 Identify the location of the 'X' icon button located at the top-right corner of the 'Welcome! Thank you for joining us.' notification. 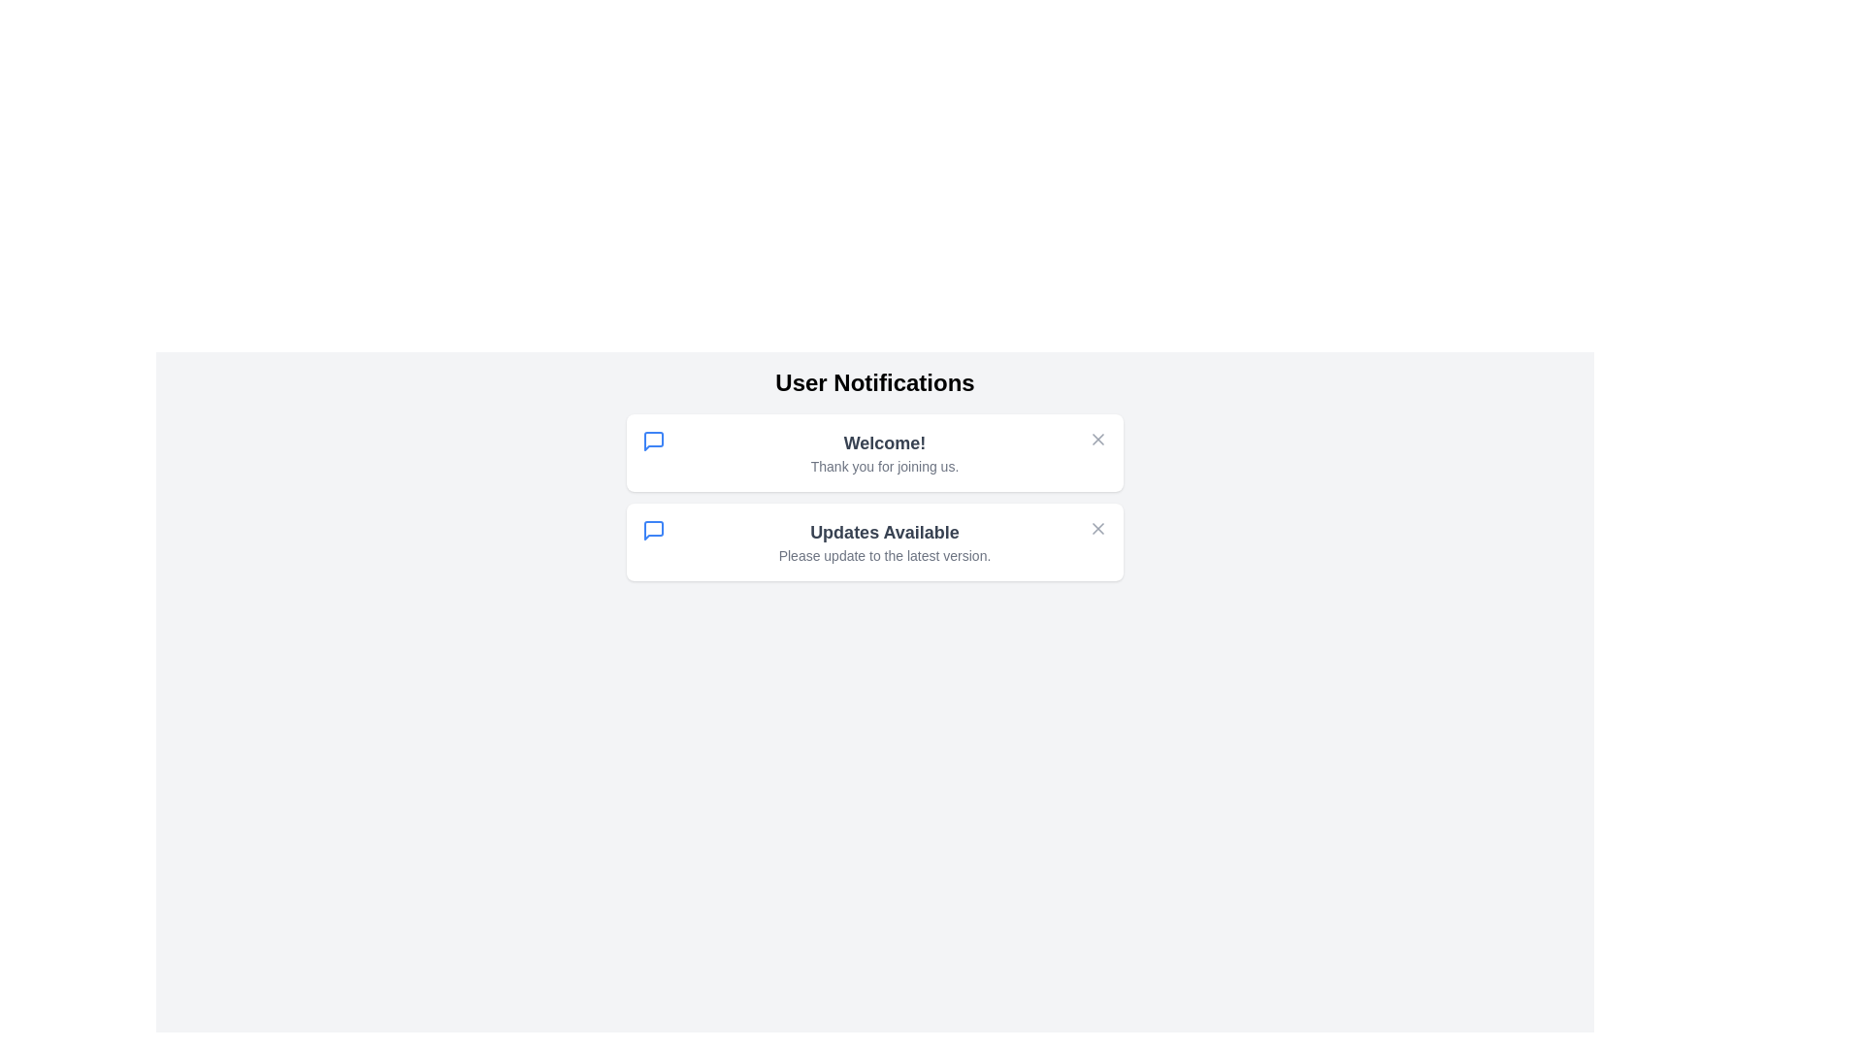
(1098, 439).